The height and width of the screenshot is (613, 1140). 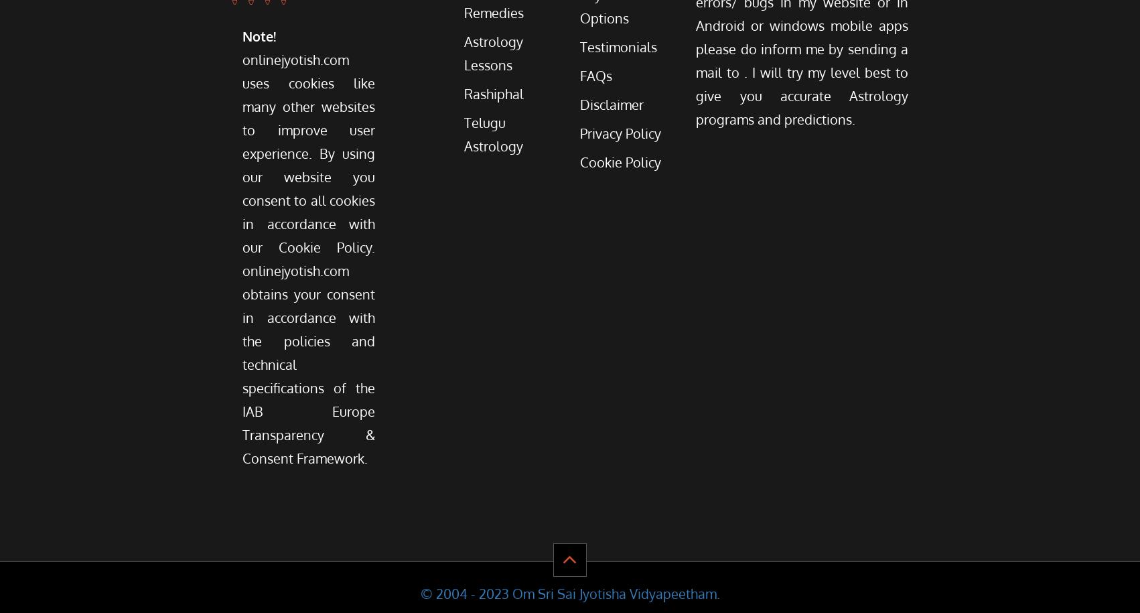 What do you see at coordinates (464, 52) in the screenshot?
I see `'Astrology Lessons'` at bounding box center [464, 52].